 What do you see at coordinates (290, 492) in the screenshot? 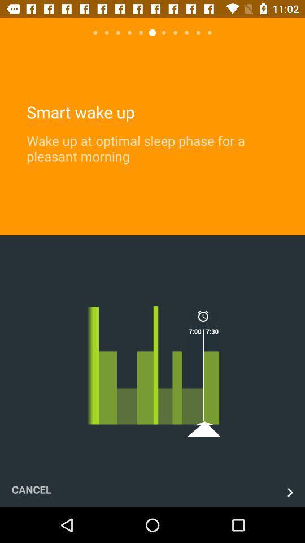
I see `continue ahead` at bounding box center [290, 492].